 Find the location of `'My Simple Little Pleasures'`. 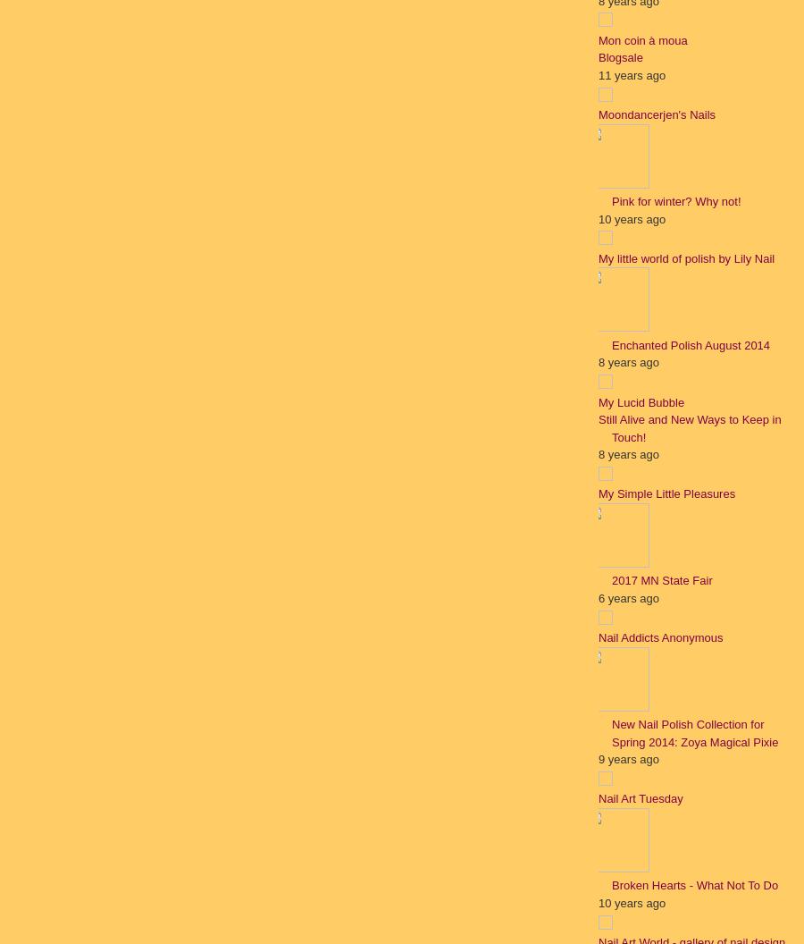

'My Simple Little Pleasures' is located at coordinates (666, 493).